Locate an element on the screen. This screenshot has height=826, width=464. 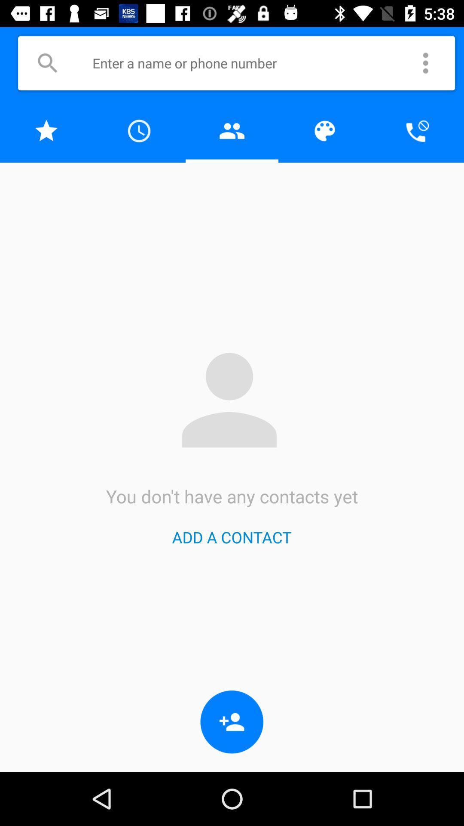
search is located at coordinates (47, 63).